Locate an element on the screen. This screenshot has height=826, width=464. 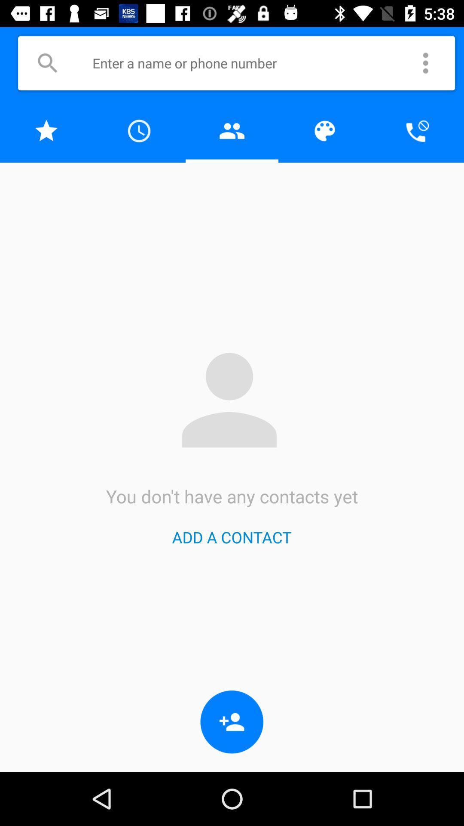
search is located at coordinates (47, 63).